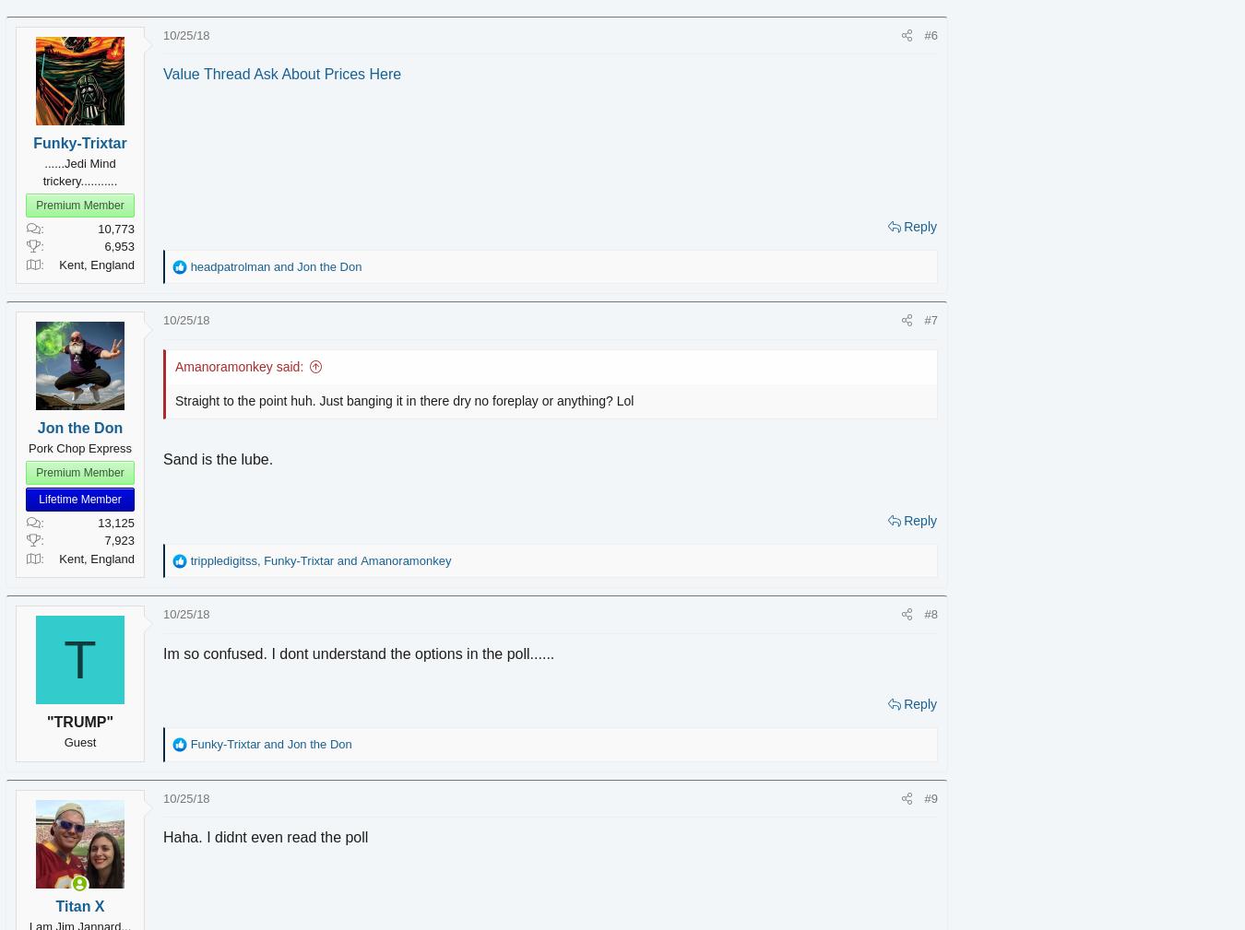 This screenshot has height=930, width=1245. What do you see at coordinates (248, 559) in the screenshot?
I see `'trippledigitss'` at bounding box center [248, 559].